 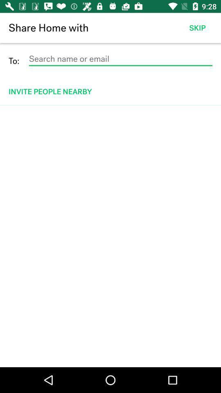 What do you see at coordinates (197, 28) in the screenshot?
I see `the item next to the share home with app` at bounding box center [197, 28].